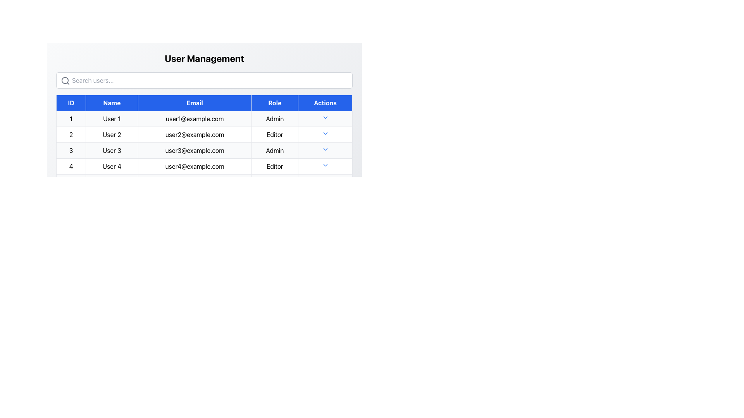 Image resolution: width=744 pixels, height=418 pixels. I want to click on the static text element displaying 'Admin' in black font, located in the last column under the 'Role' header for User 1, so click(275, 119).